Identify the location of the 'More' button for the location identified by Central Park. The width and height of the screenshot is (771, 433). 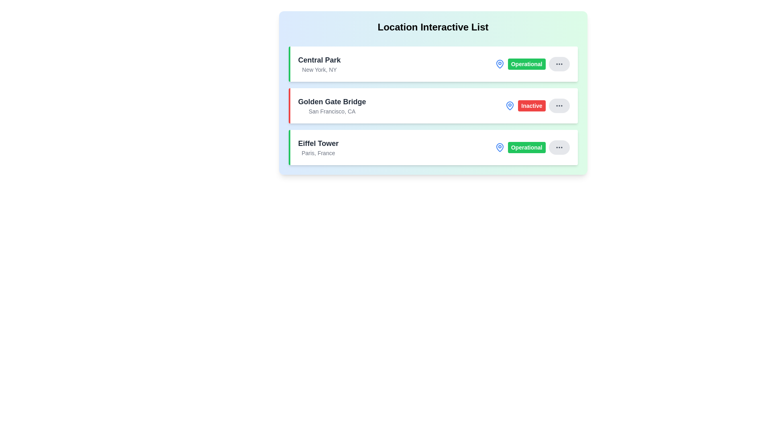
(559, 63).